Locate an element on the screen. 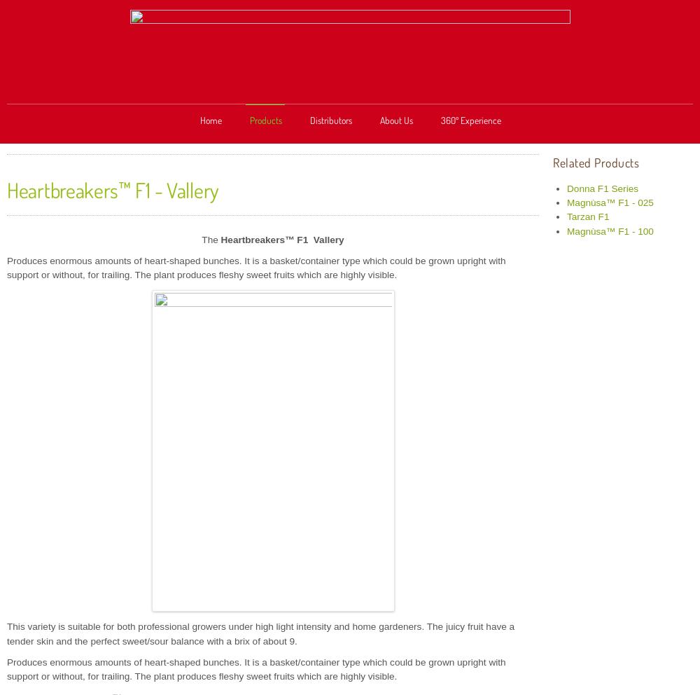 This screenshot has width=700, height=695. 'Home' is located at coordinates (211, 119).